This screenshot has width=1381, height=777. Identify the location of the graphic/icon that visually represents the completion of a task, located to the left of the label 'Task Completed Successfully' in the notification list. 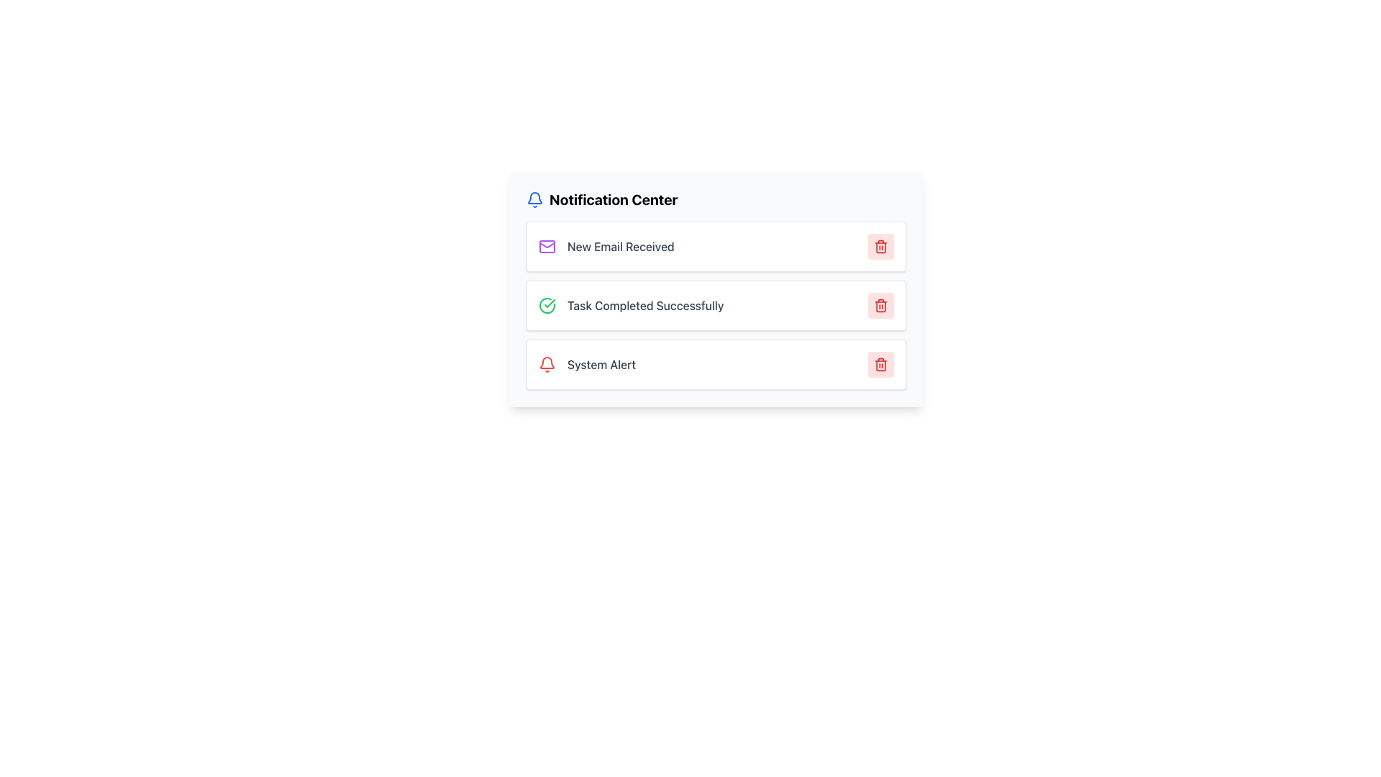
(547, 304).